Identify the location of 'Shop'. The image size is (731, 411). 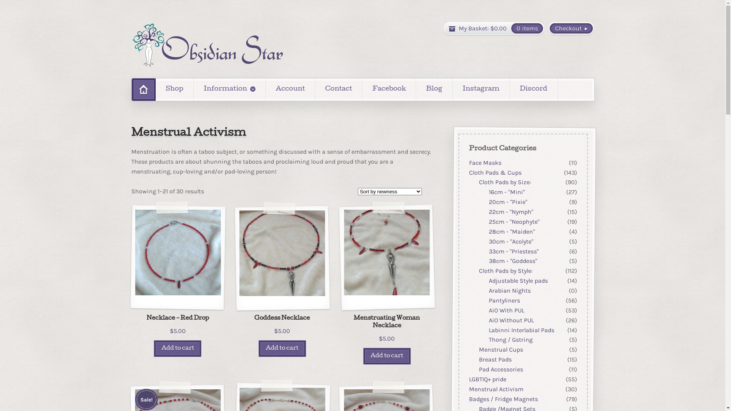
(174, 89).